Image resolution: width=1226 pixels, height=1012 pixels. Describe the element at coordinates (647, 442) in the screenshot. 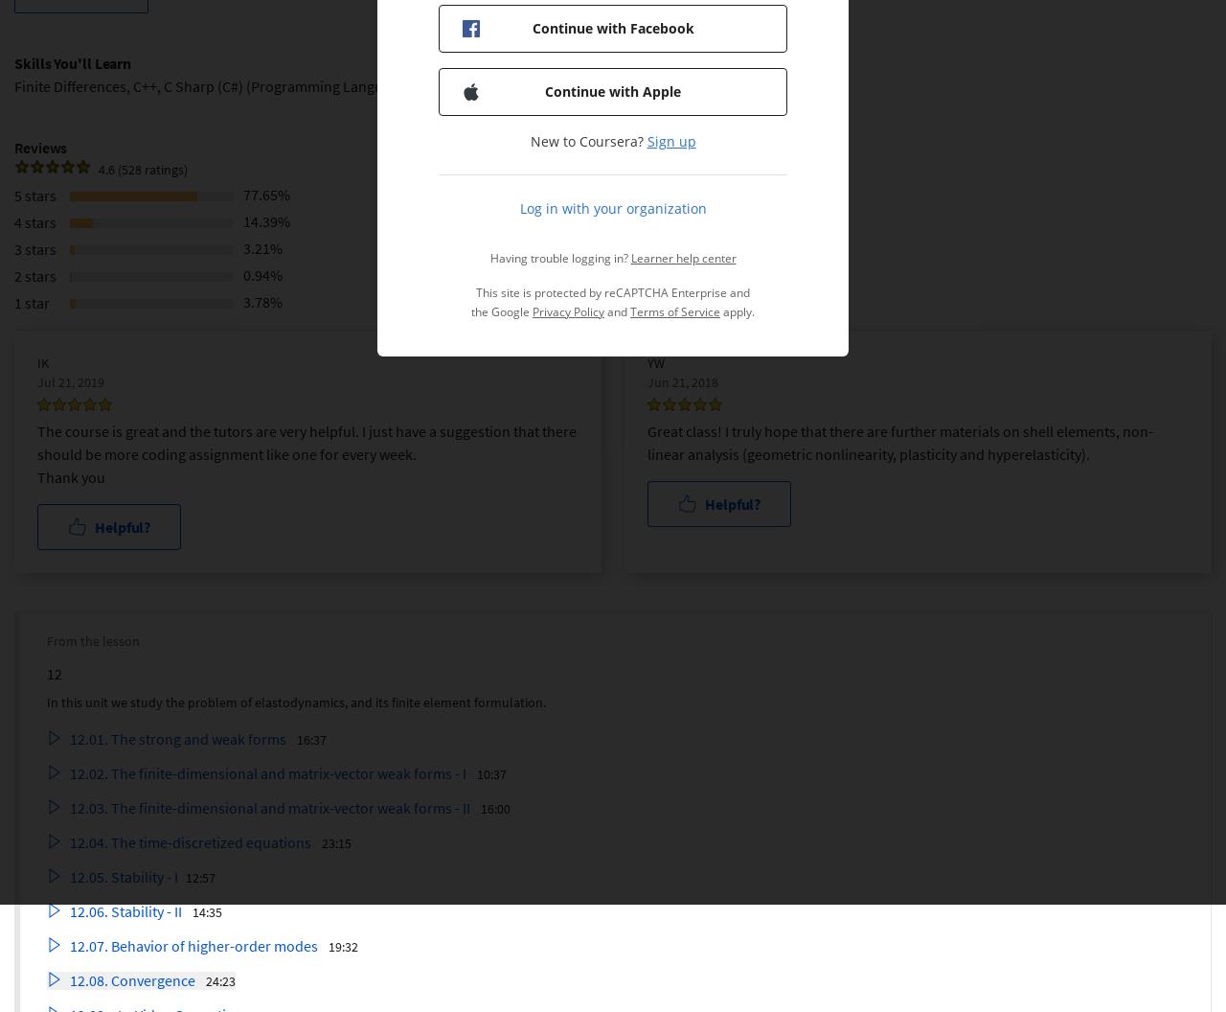

I see `'Great class! I truly hope that there are further materials on shell elements, non-linear analysis (geometric nonlinearity, plasticity and hyperelasticity).'` at that location.